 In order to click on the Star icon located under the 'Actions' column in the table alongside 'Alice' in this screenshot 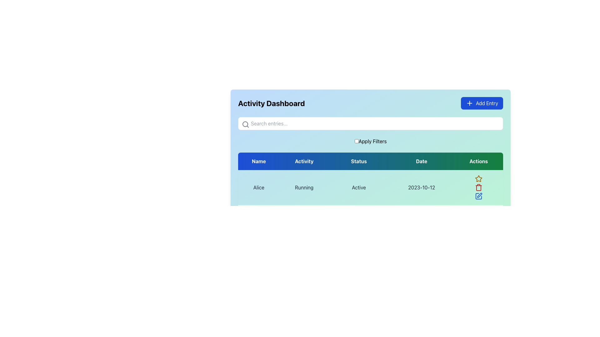, I will do `click(478, 179)`.